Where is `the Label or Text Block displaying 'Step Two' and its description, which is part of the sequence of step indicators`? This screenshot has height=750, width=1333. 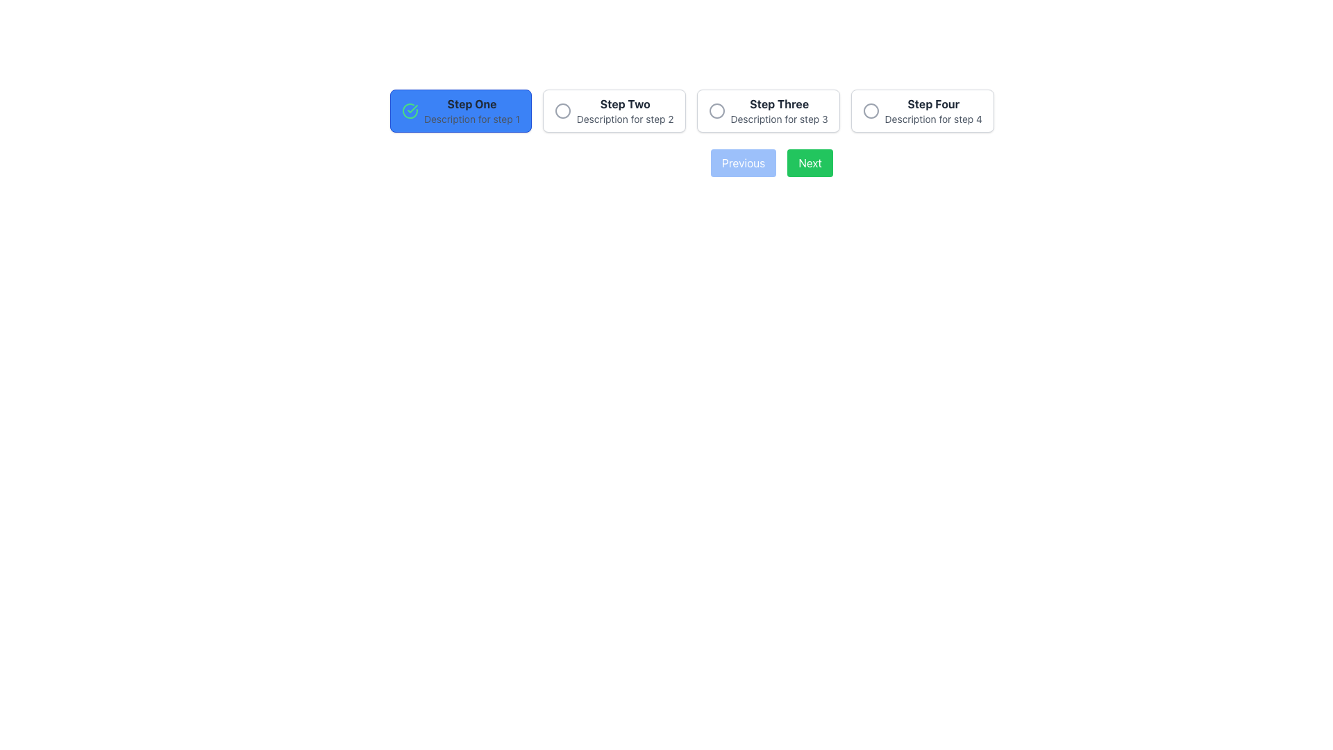
the Label or Text Block displaying 'Step Two' and its description, which is part of the sequence of step indicators is located at coordinates (624, 110).